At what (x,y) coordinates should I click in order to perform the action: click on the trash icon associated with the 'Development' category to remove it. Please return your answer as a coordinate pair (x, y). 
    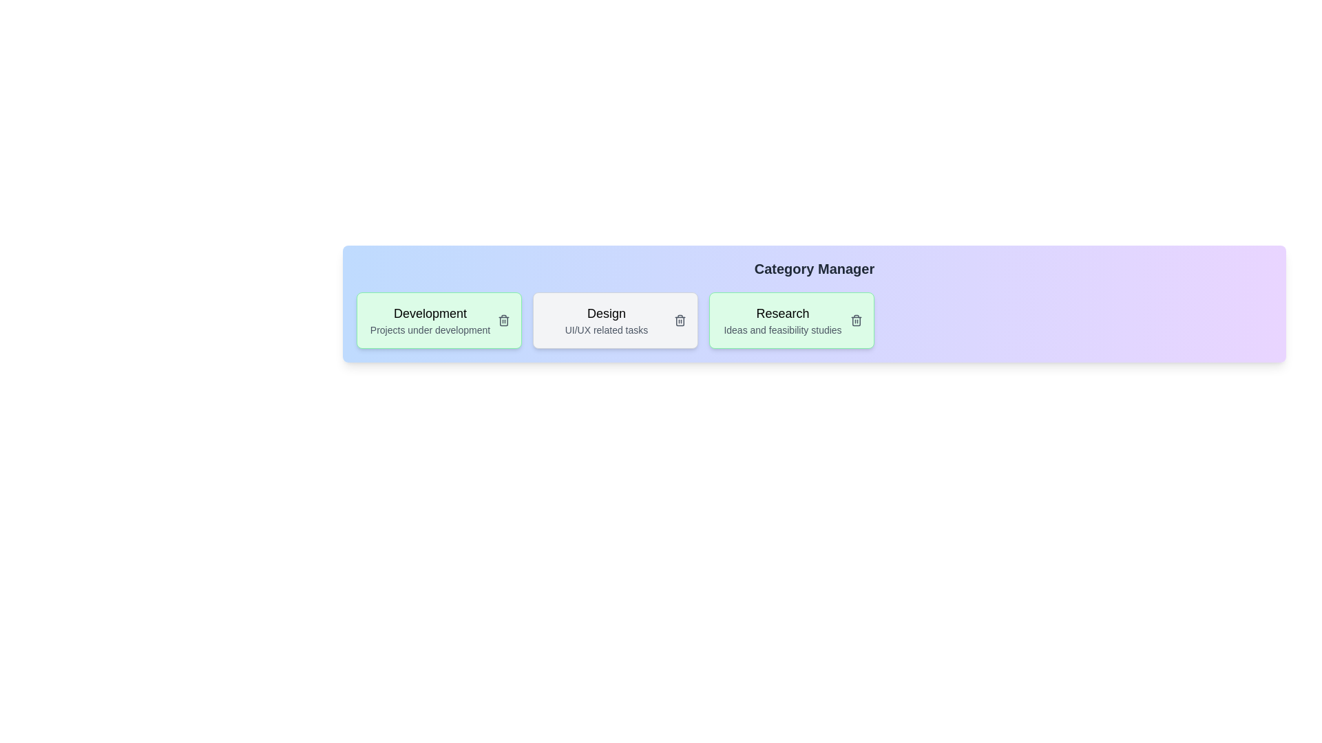
    Looking at the image, I should click on (503, 321).